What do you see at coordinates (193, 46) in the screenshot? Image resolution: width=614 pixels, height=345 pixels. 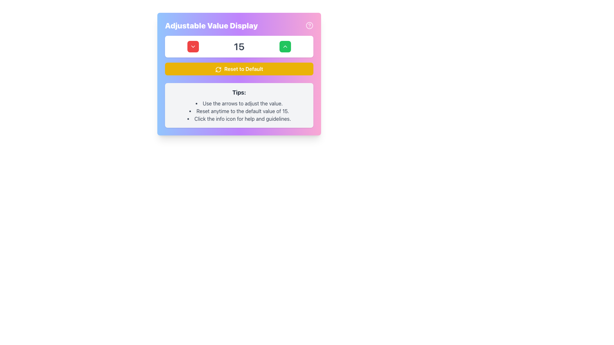 I see `the downward-facing chevron icon contained within the red rounded square button in the header row to decrement a value` at bounding box center [193, 46].